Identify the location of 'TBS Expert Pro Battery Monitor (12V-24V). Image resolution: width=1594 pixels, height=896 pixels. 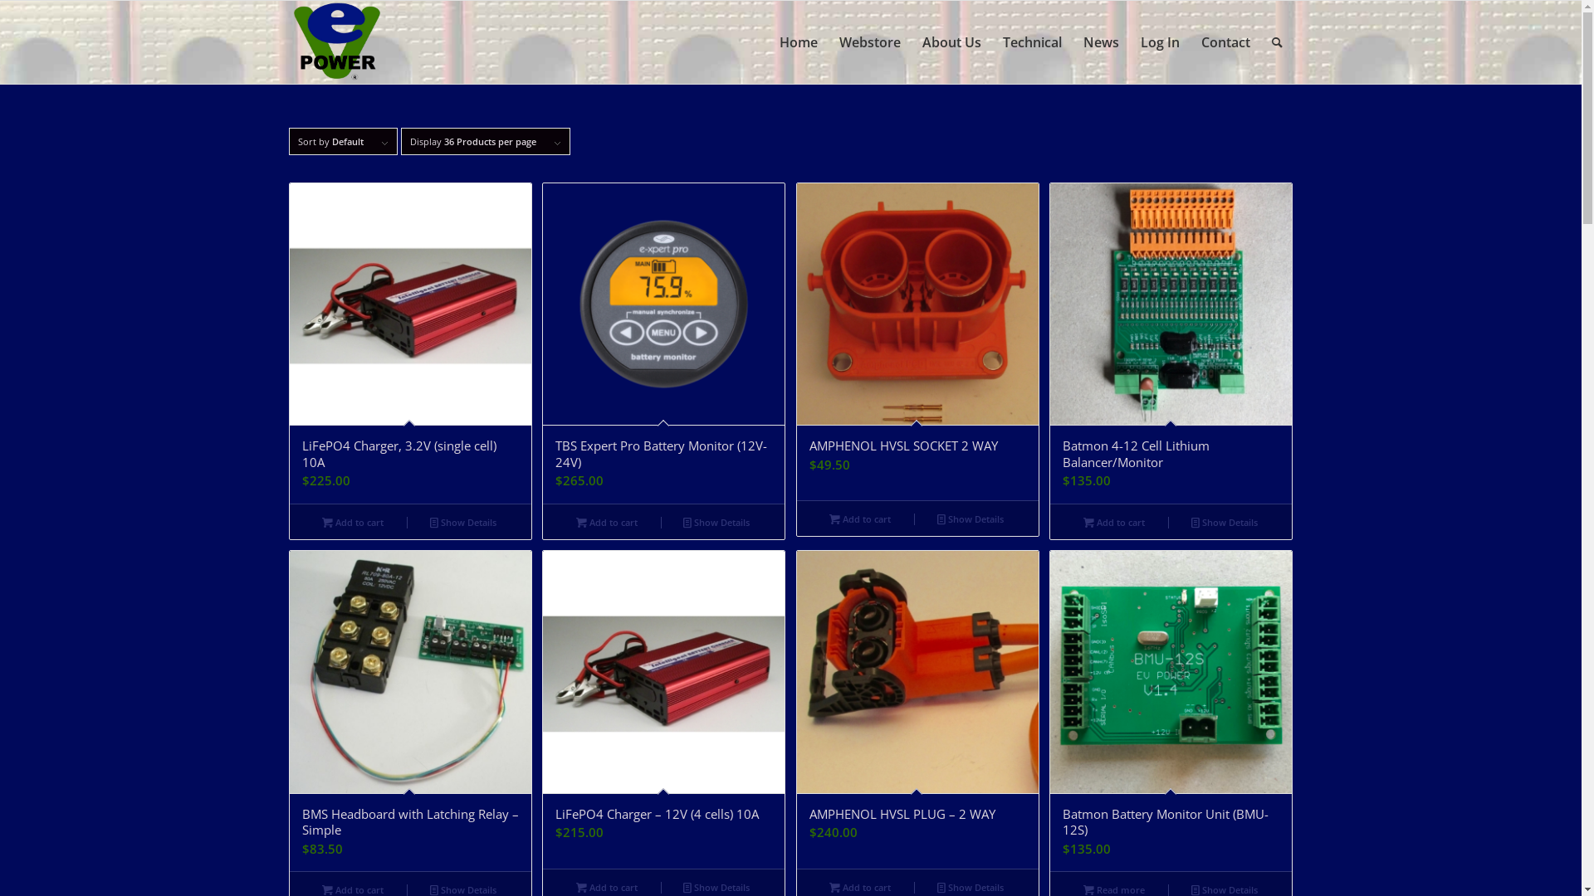
(663, 342).